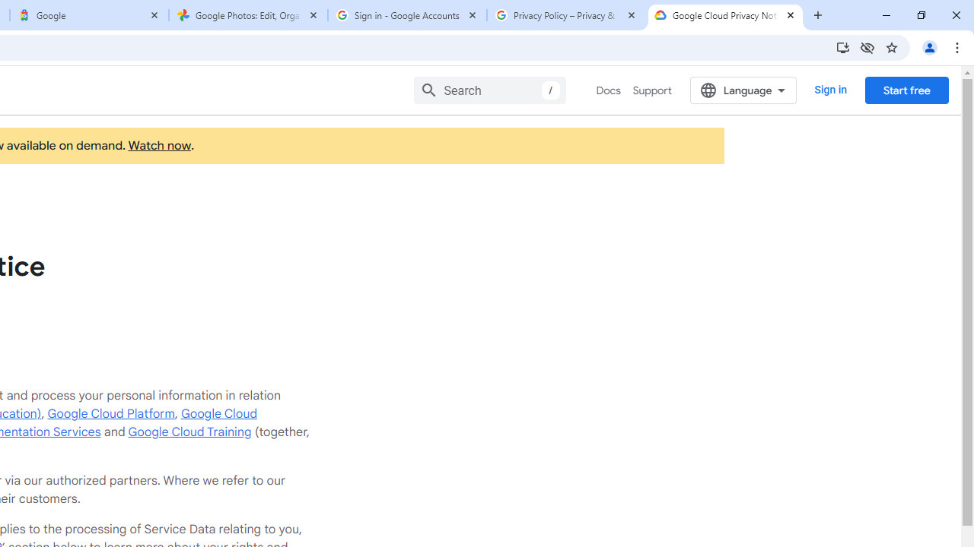 This screenshot has width=974, height=547. What do you see at coordinates (724, 15) in the screenshot?
I see `'Google Cloud Privacy Notice'` at bounding box center [724, 15].